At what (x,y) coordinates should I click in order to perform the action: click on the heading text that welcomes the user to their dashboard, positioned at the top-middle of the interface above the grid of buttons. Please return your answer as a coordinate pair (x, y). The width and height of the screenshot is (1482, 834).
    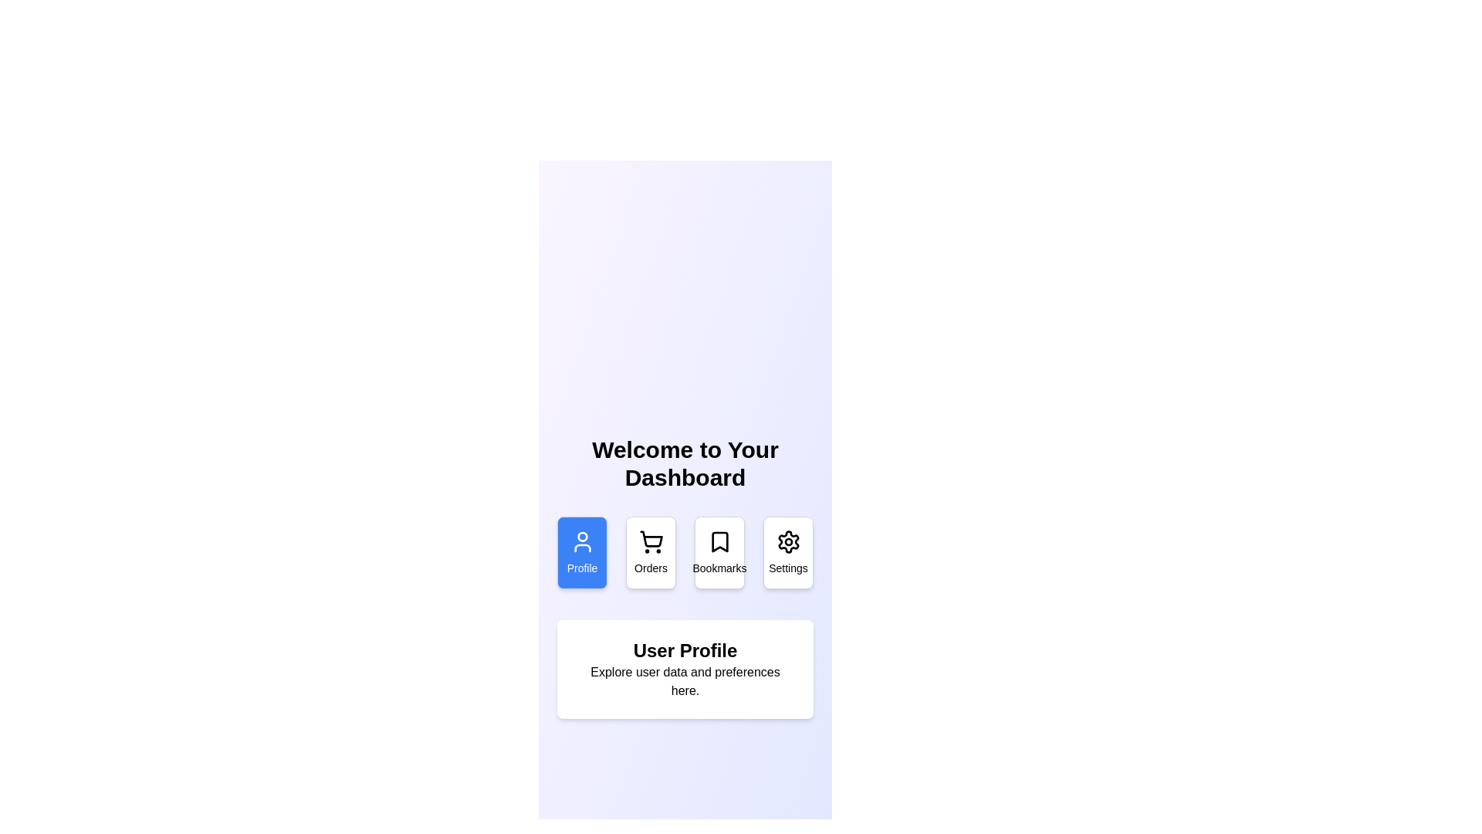
    Looking at the image, I should click on (685, 463).